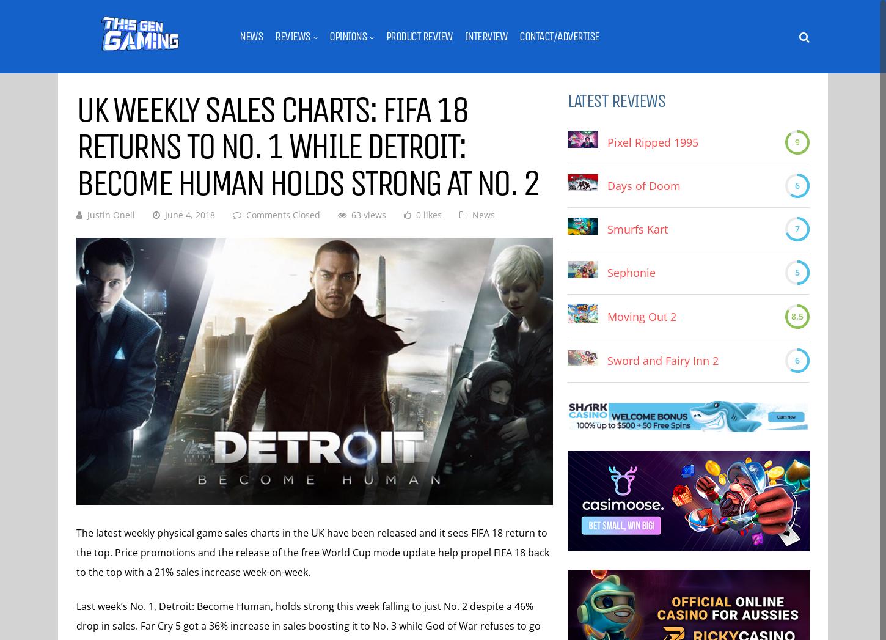  I want to click on '7', so click(797, 229).